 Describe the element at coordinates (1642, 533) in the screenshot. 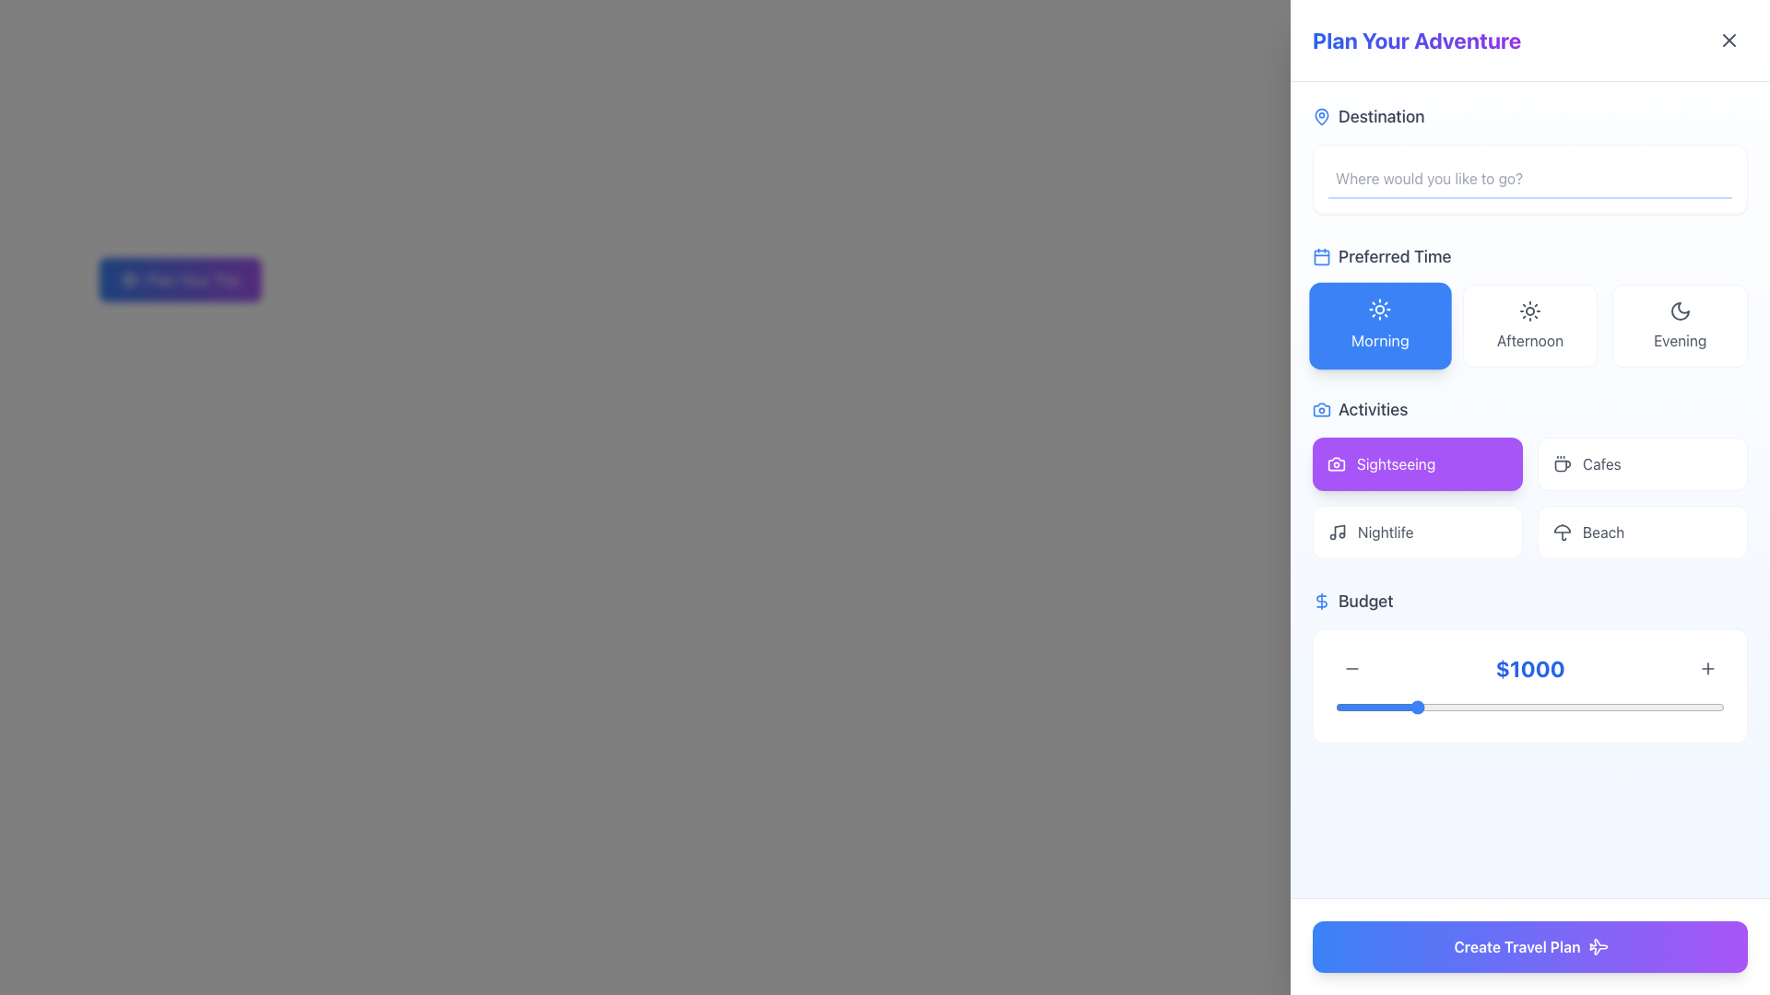

I see `the 'Beach' activity selection button located in the activities section of the form at the bottom right corner, specifically the fourth option among the available activities` at that location.